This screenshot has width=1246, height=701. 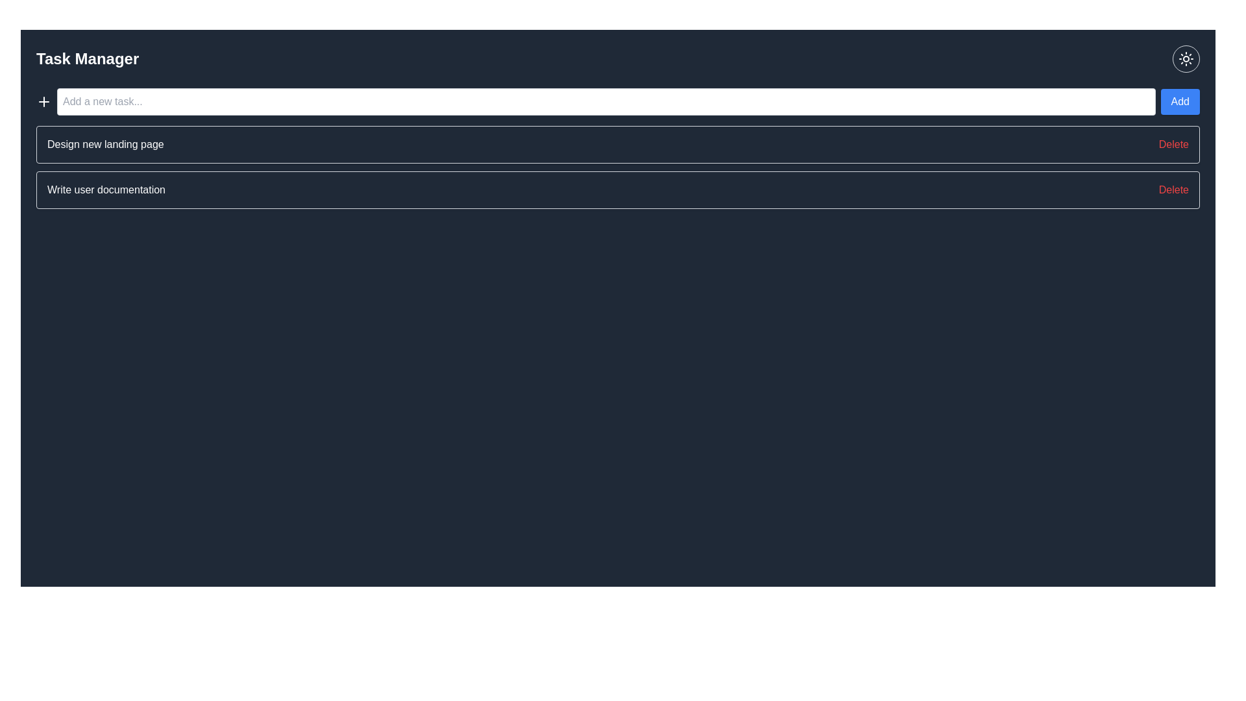 What do you see at coordinates (1186, 59) in the screenshot?
I see `the circular button with a sun icon at the top-right corner of the interface` at bounding box center [1186, 59].